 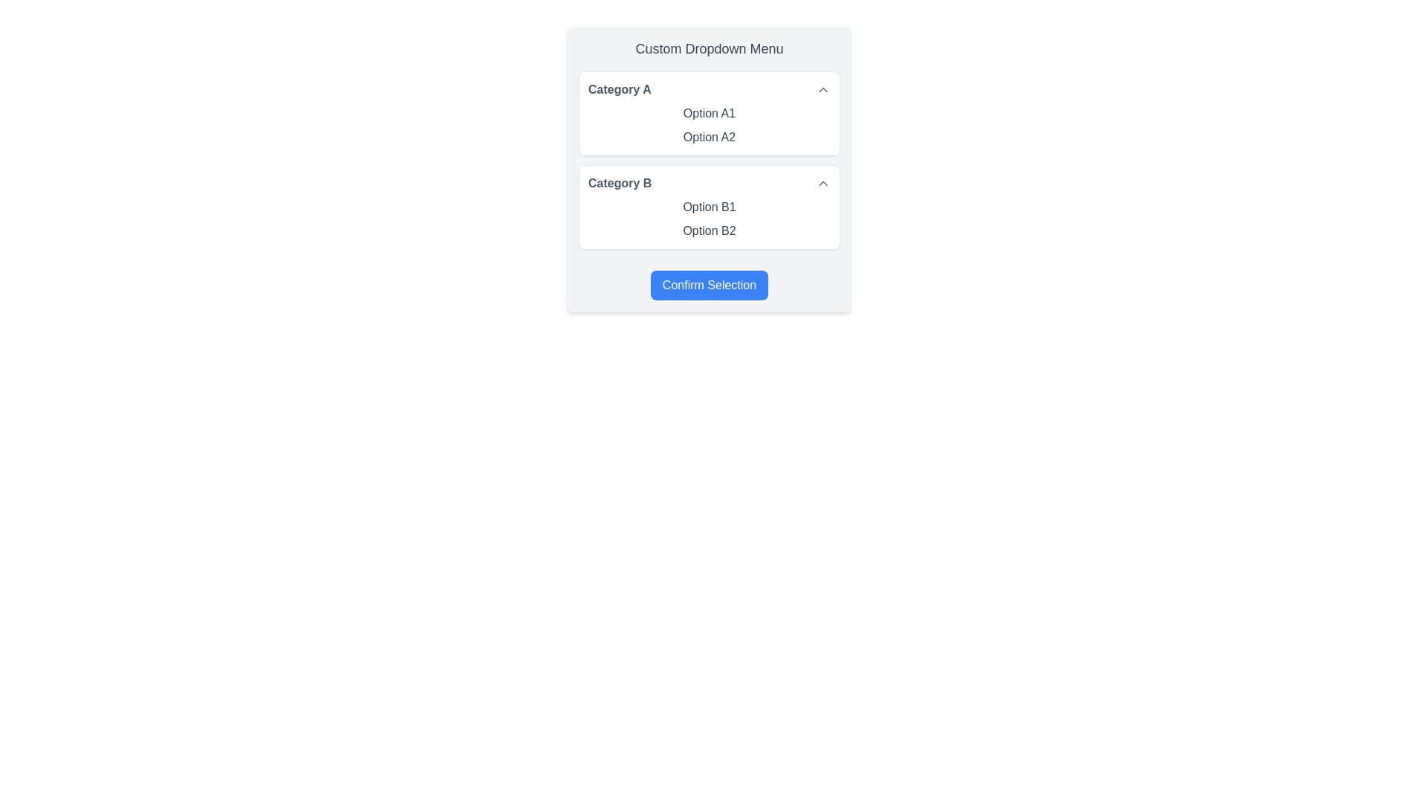 I want to click on the 'Option B1' item within the List of textual items under the 'Category B' section, so click(x=709, y=219).